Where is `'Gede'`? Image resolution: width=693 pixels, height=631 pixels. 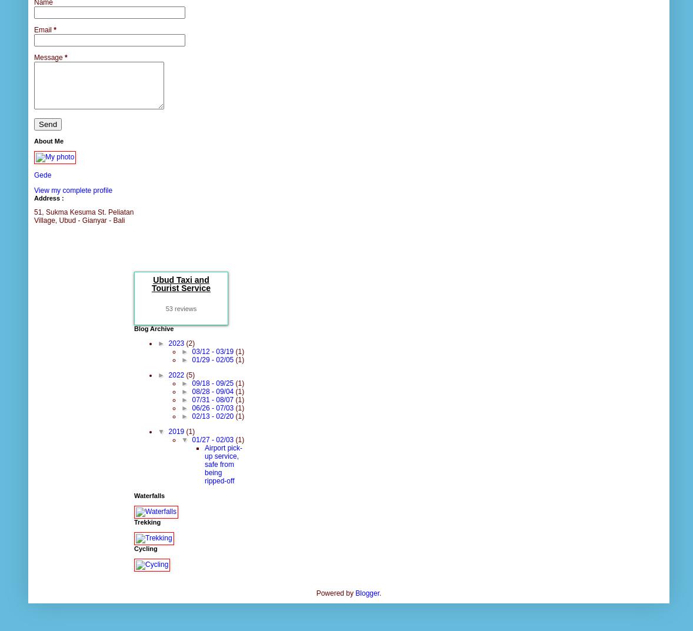 'Gede' is located at coordinates (33, 174).